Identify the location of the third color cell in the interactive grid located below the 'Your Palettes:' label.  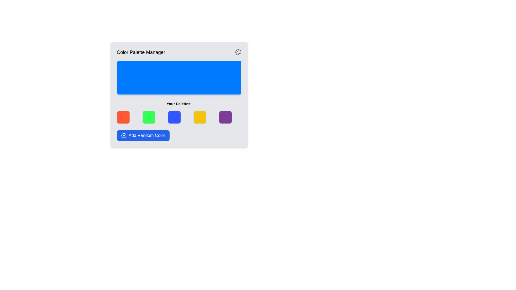
(179, 117).